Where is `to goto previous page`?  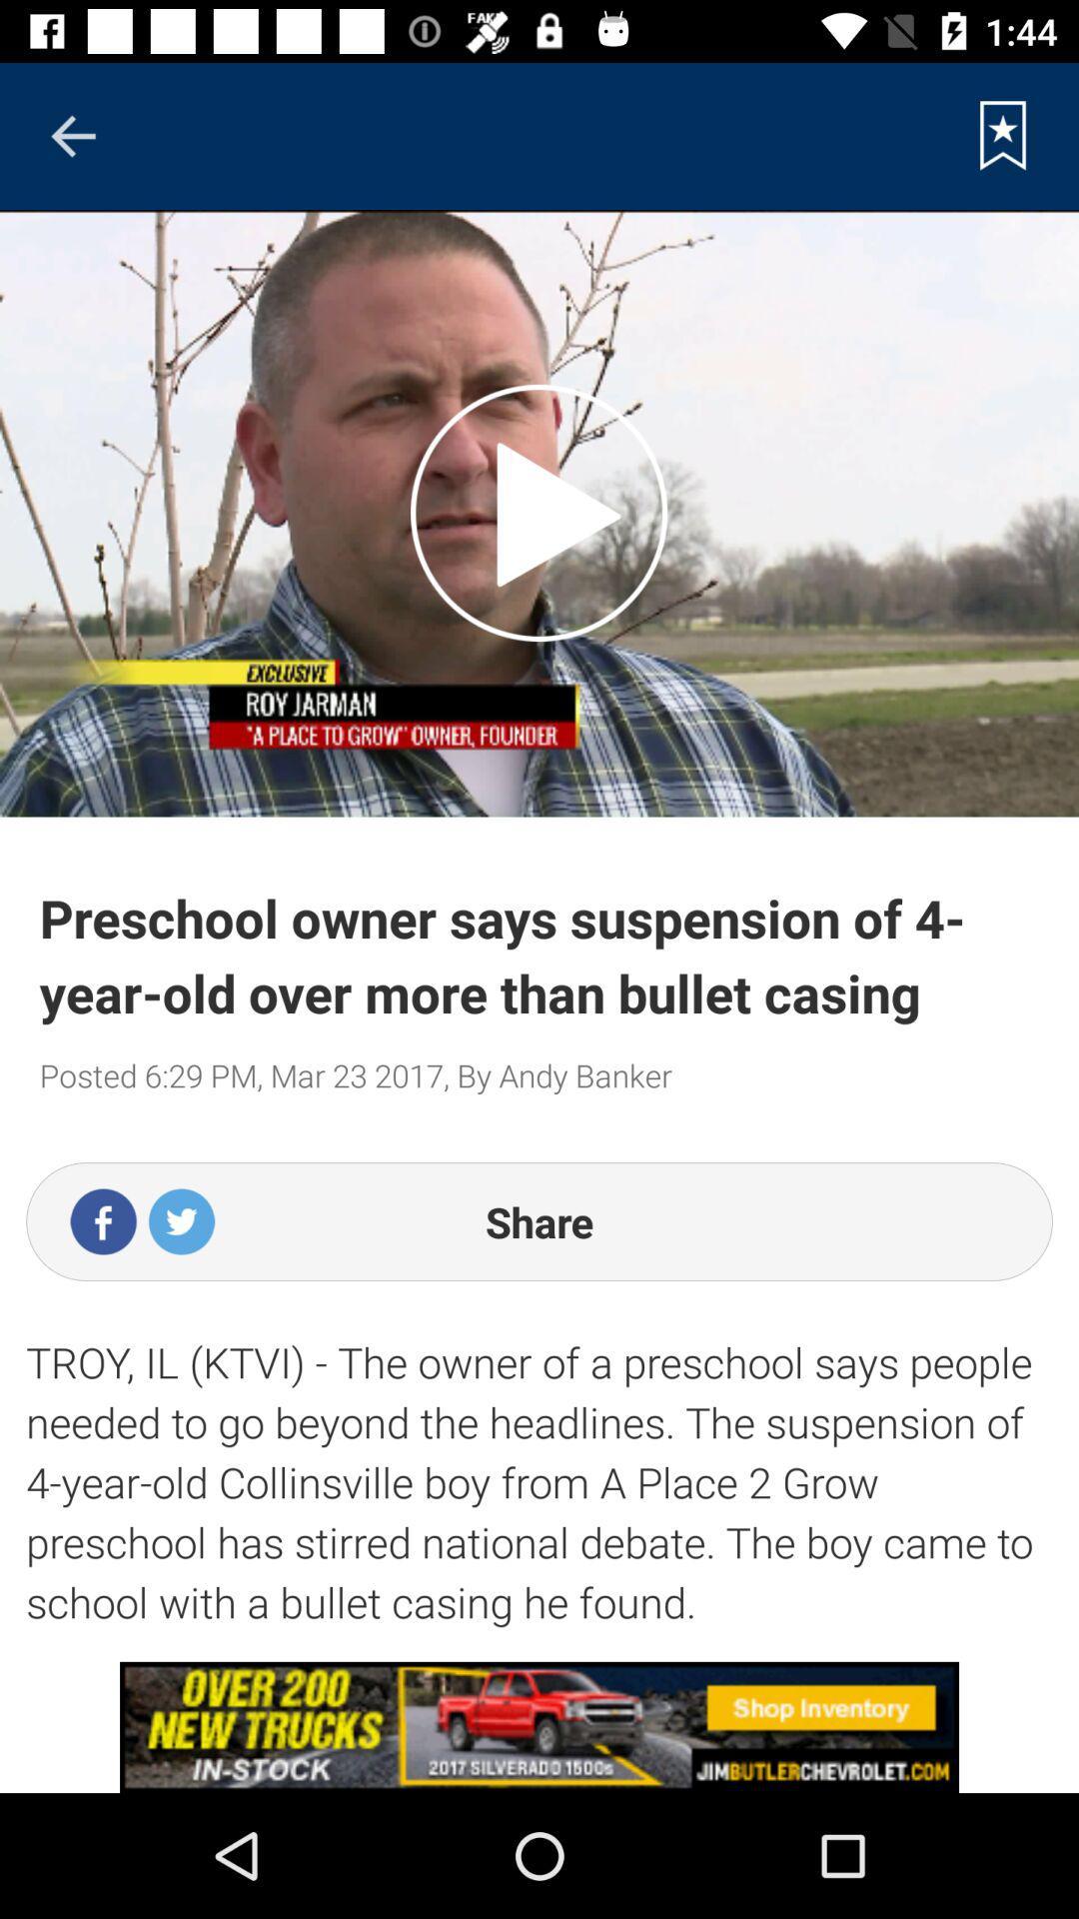 to goto previous page is located at coordinates (72, 135).